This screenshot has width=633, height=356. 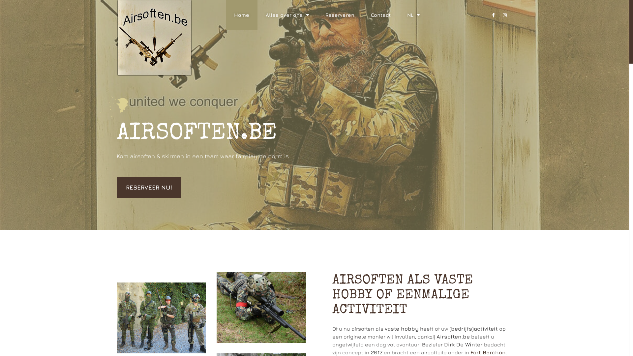 What do you see at coordinates (413, 15) in the screenshot?
I see `'NL'` at bounding box center [413, 15].